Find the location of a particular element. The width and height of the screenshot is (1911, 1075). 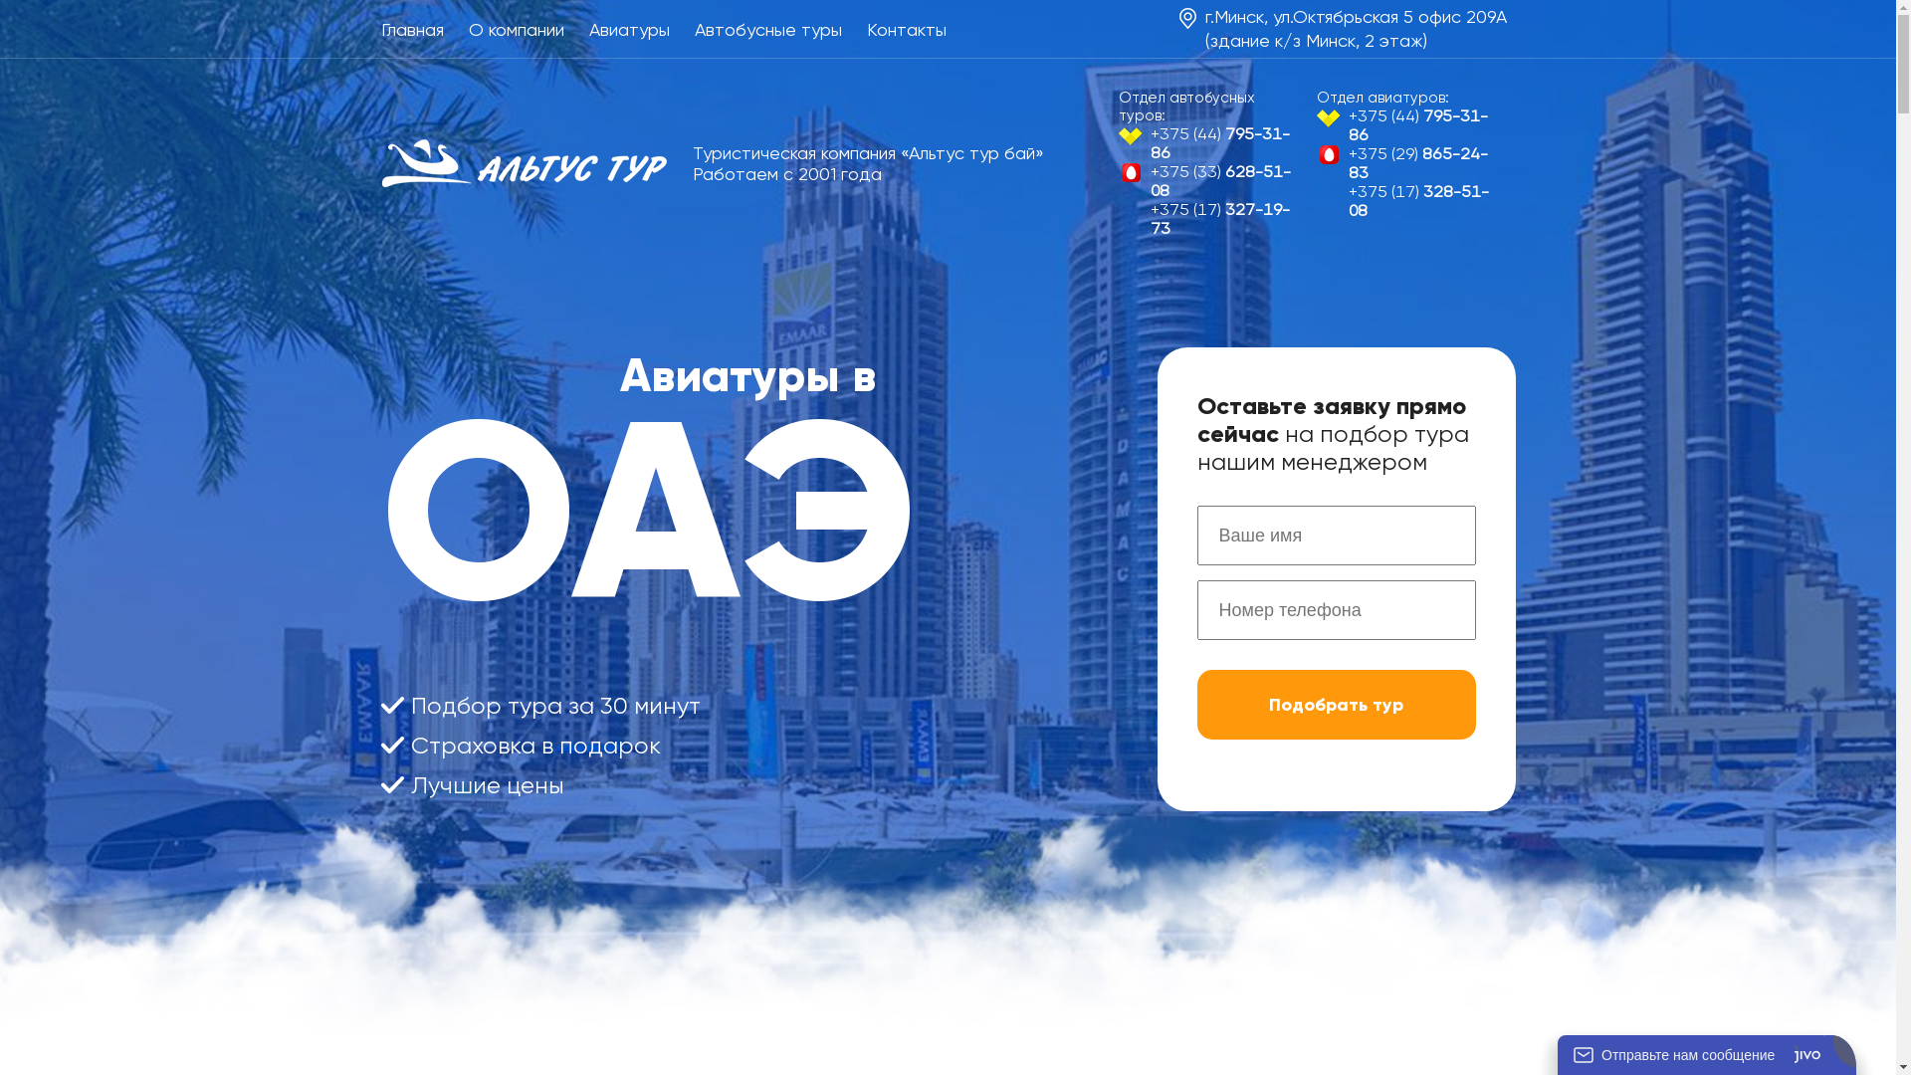

'+375 (44) 795-31-86' is located at coordinates (1209, 141).